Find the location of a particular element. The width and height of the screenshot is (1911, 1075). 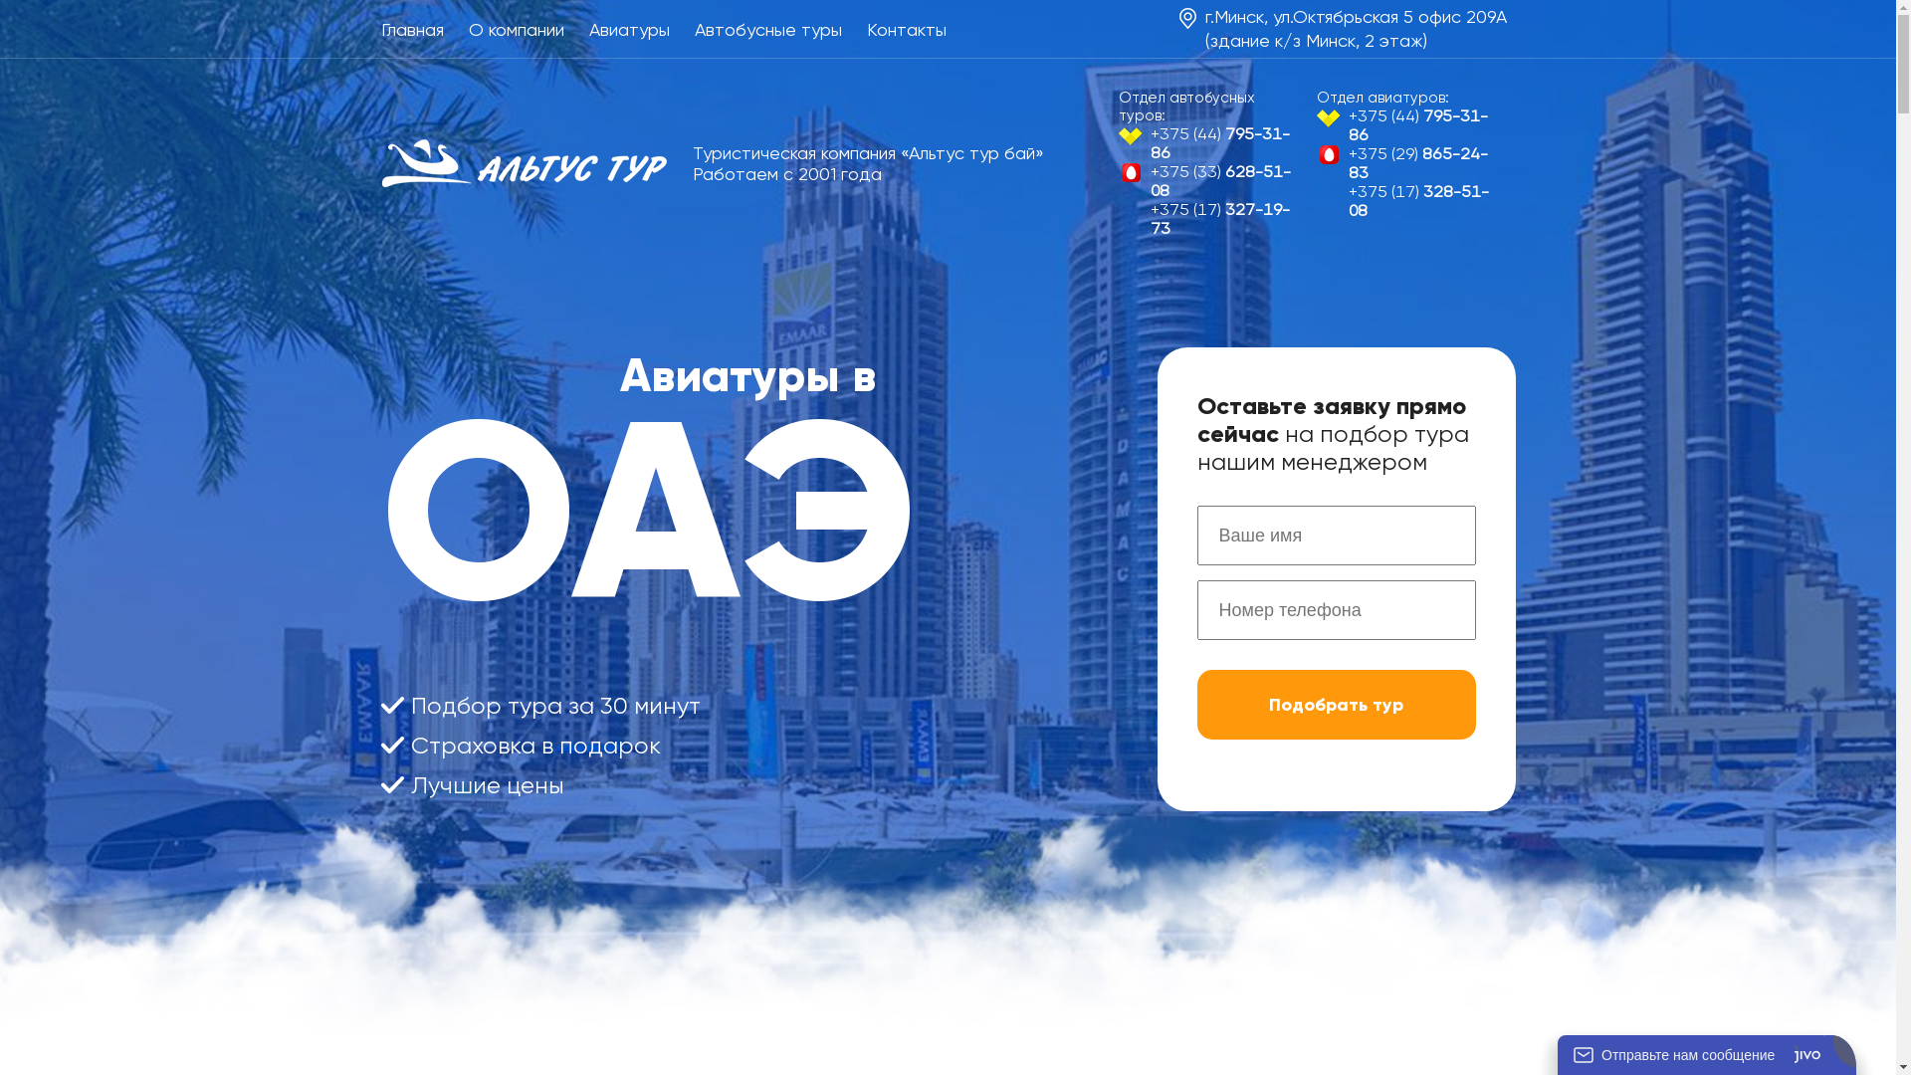

'+375 (44) 795-31-86' is located at coordinates (1209, 141).